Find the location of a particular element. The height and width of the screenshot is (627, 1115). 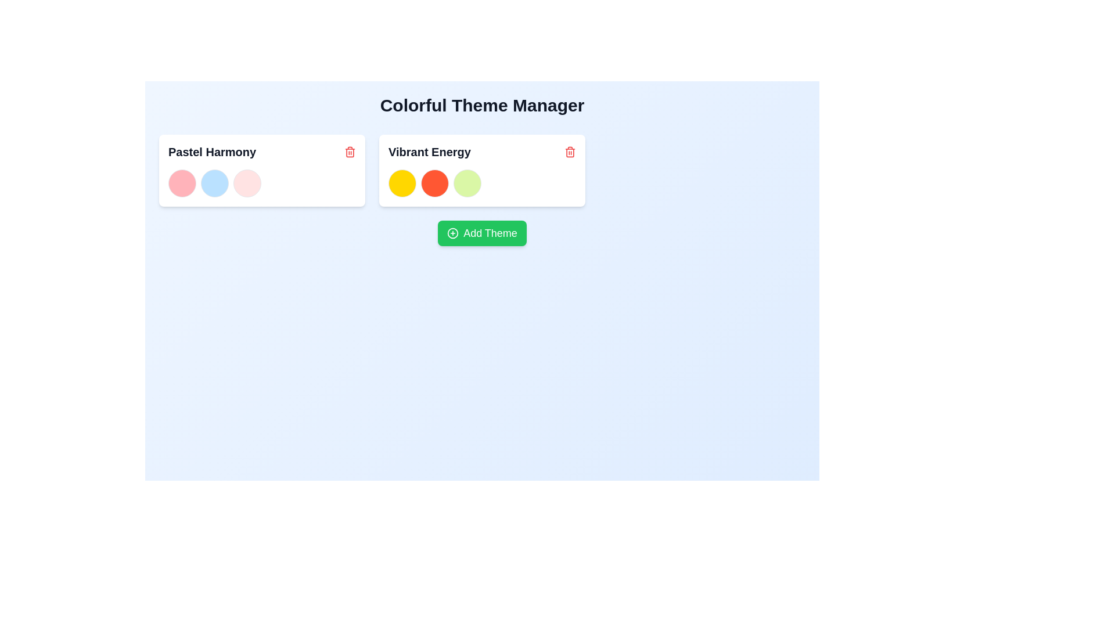

the circular decorative element with a light blue background located in the center of three horizontally aligned circular elements within the 'Pastel Harmony' theme card is located at coordinates (214, 183).